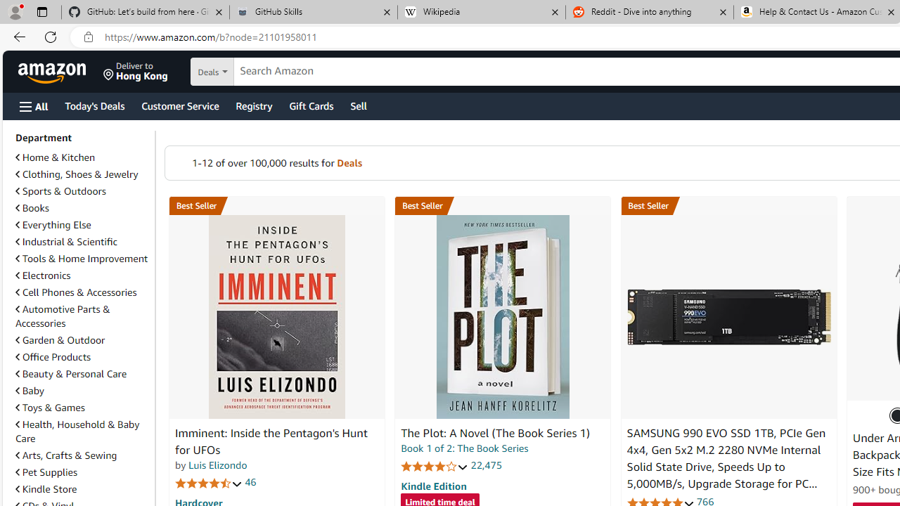 Image resolution: width=900 pixels, height=506 pixels. Describe the element at coordinates (277, 317) in the screenshot. I see `'Imminent: Inside the Pentagon'` at that location.